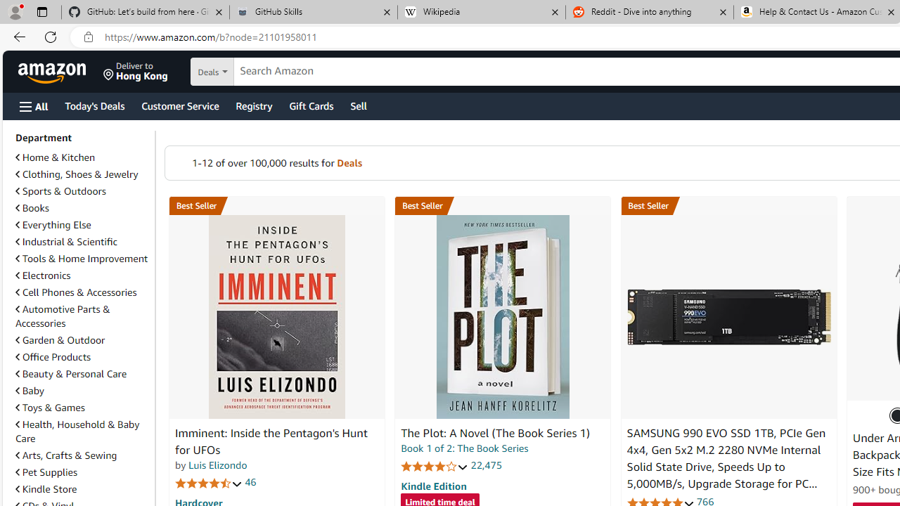 Image resolution: width=900 pixels, height=506 pixels. Describe the element at coordinates (277, 317) in the screenshot. I see `'Imminent: Inside the Pentagon'` at that location.